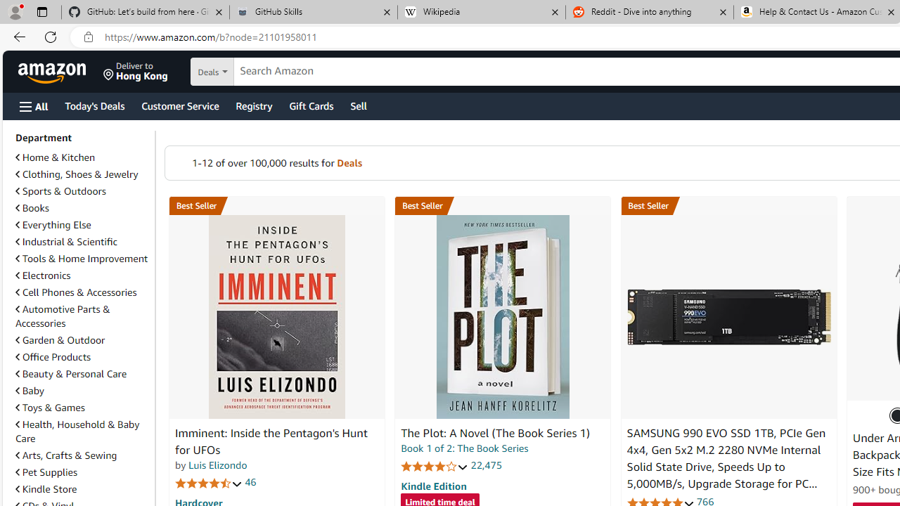 Image resolution: width=900 pixels, height=506 pixels. Describe the element at coordinates (277, 317) in the screenshot. I see `'Imminent: Inside the Pentagon'` at that location.